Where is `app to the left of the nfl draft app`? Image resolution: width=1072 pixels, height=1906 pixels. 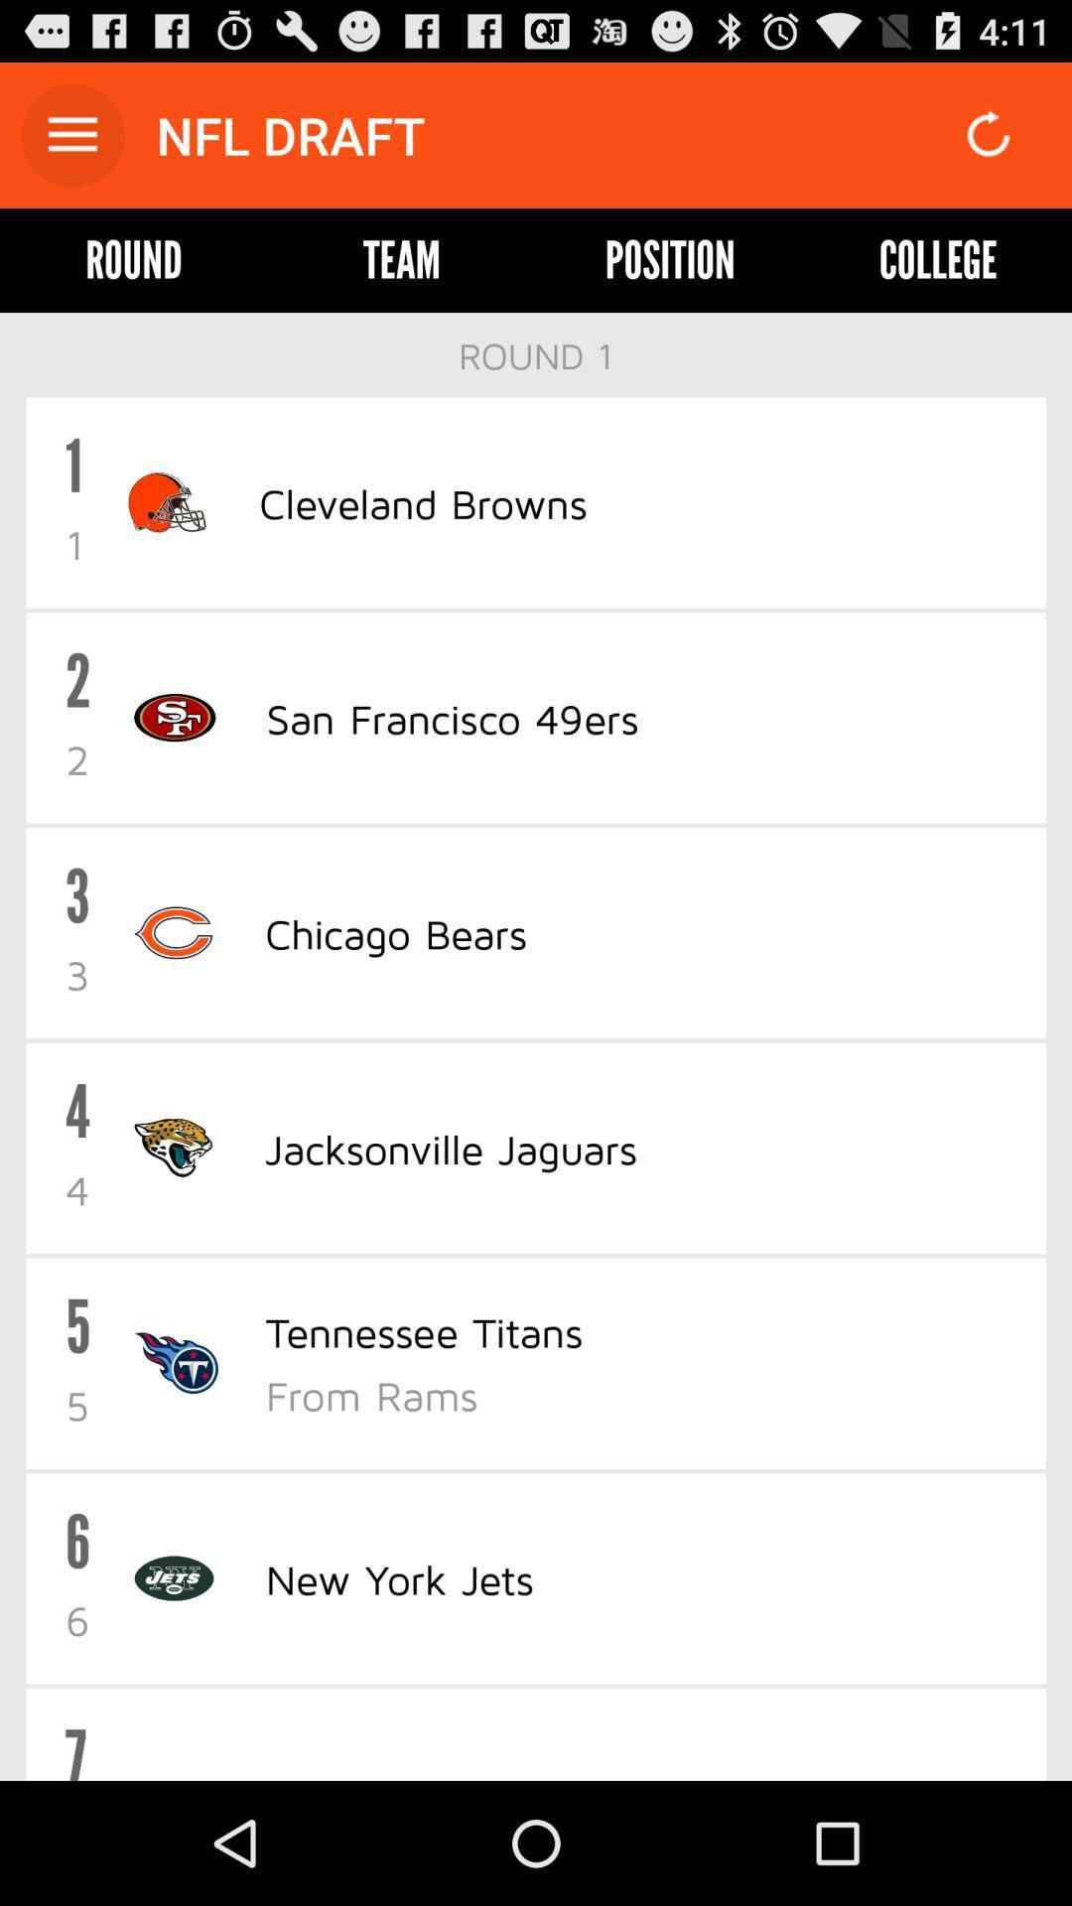 app to the left of the nfl draft app is located at coordinates (71, 134).